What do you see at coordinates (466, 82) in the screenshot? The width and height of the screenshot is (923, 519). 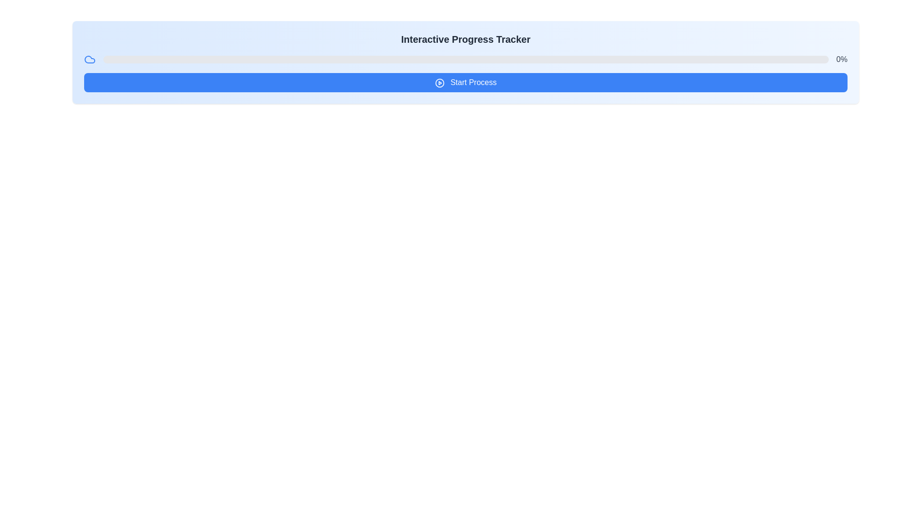 I see `the rectangular button with rounded edges and a blue background labeled 'Start Process' to observe hover effects` at bounding box center [466, 82].